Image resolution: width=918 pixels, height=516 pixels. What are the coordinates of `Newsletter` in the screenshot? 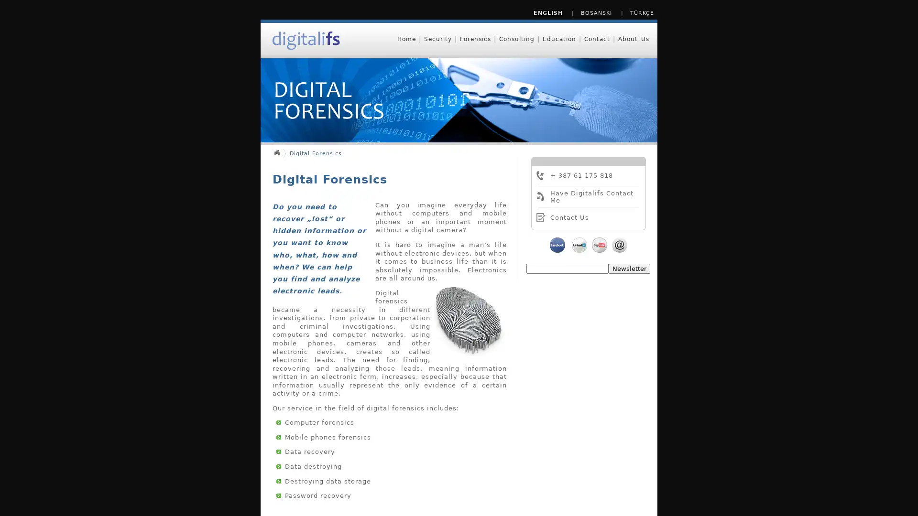 It's located at (629, 268).